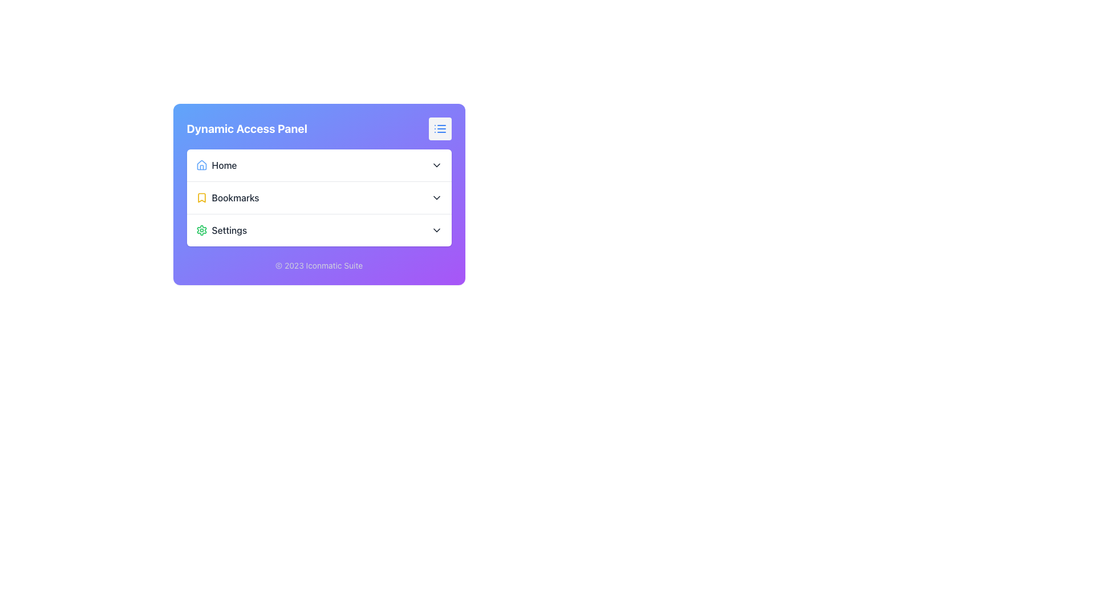 The image size is (1095, 616). Describe the element at coordinates (319, 165) in the screenshot. I see `the 'Home' dropdown menu item, which is the top-most item in the 'Dynamic Access Panel' with a purple-gradient background` at that location.